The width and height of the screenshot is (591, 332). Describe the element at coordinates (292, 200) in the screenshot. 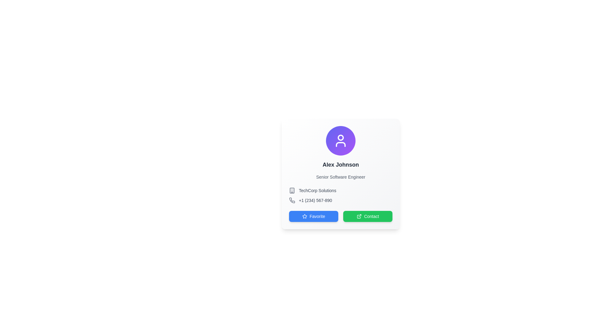

I see `the minimalist gray phone icon associated with the phone number '+1 (234) 567-890'` at that location.